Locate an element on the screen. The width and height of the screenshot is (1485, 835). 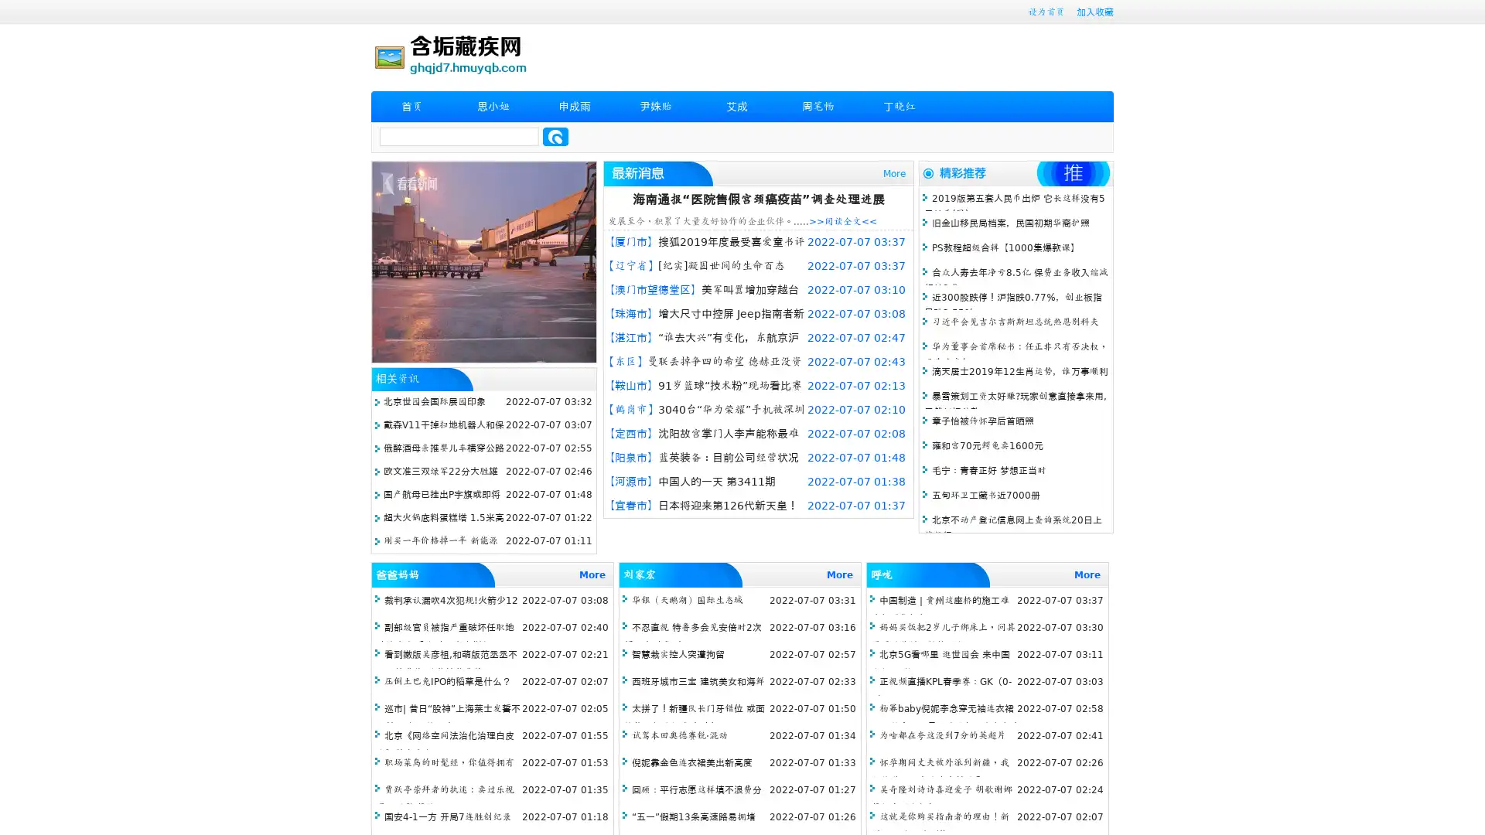
Search is located at coordinates (555, 136).